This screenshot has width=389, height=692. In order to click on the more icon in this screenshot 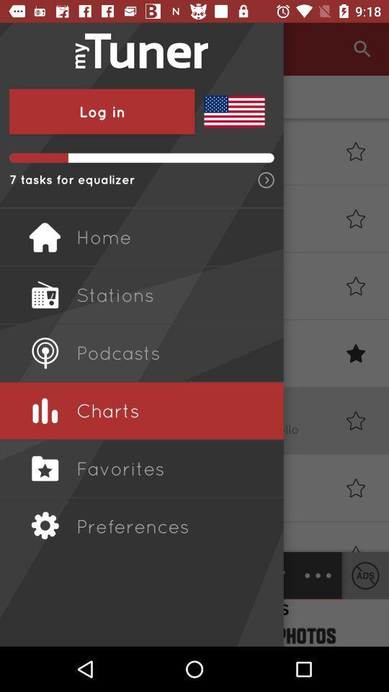, I will do `click(318, 575)`.